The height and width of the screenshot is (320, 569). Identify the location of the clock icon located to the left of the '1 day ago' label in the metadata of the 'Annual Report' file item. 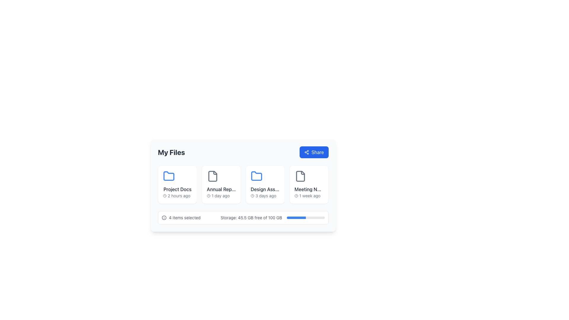
(209, 196).